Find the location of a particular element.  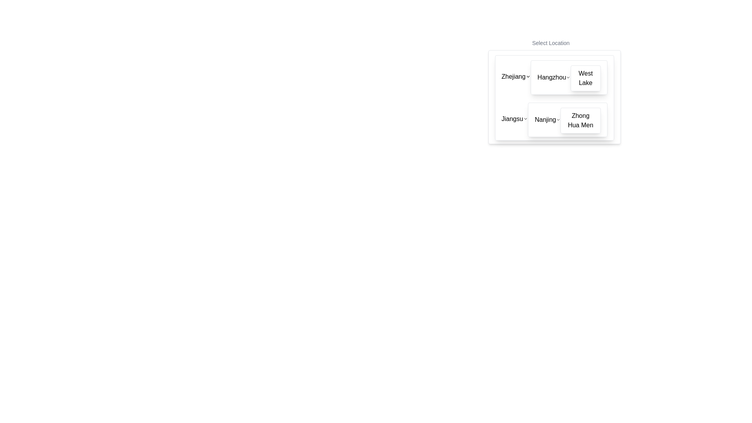

the 'West Lake' card element in the dropdown menu is located at coordinates (586, 78).